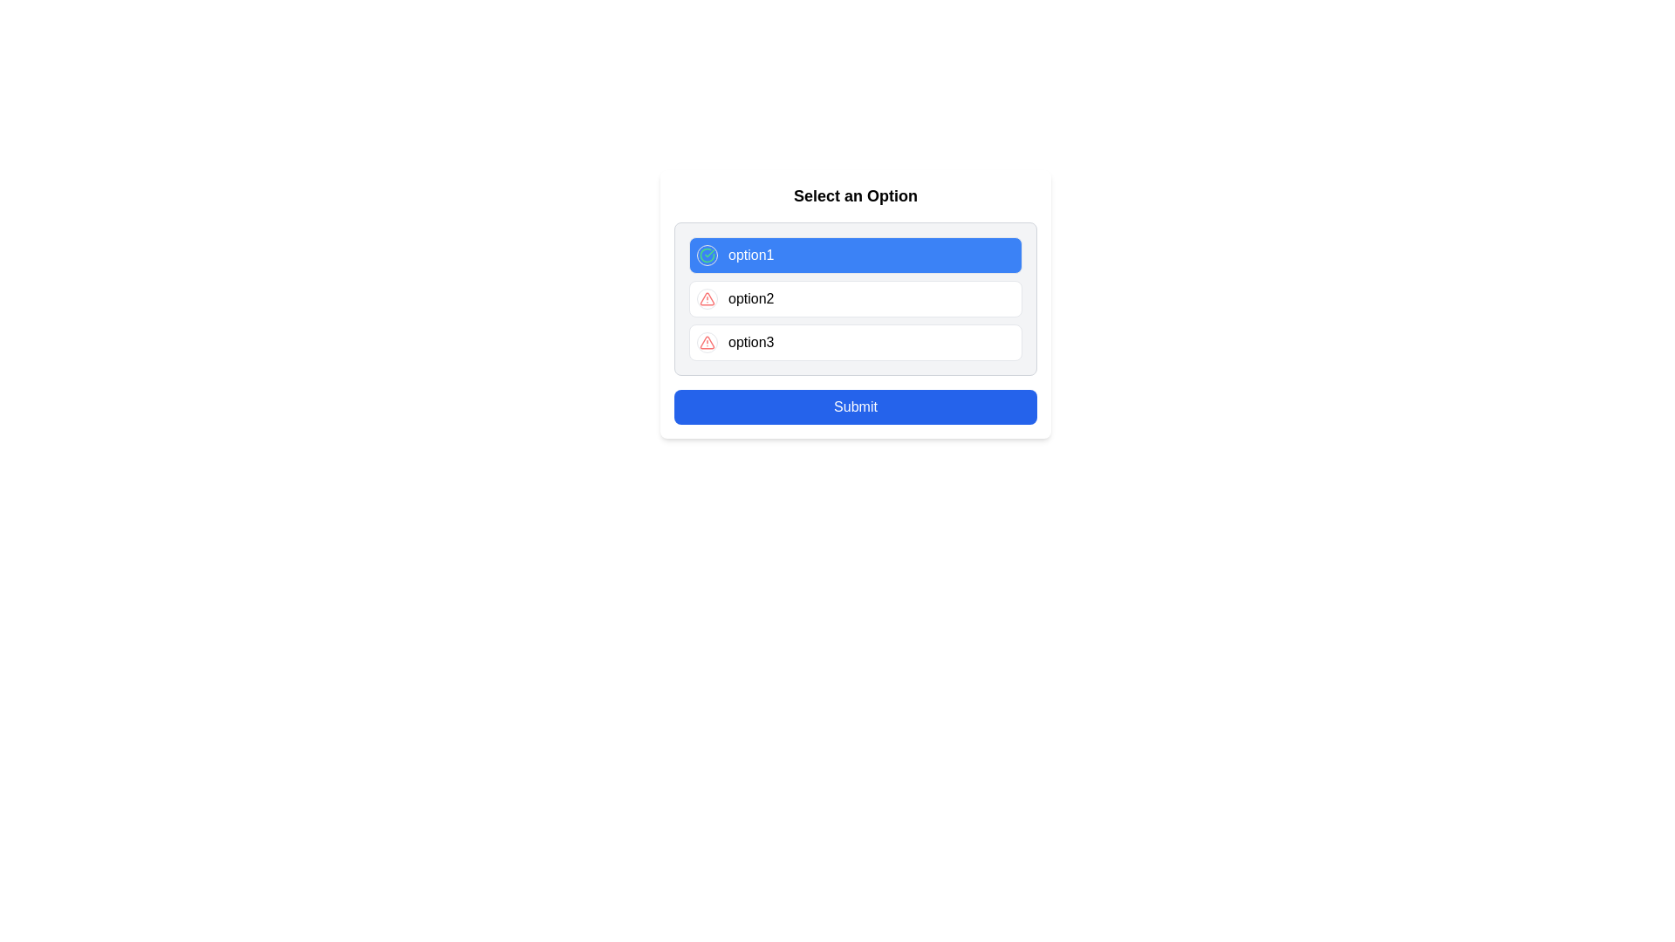  Describe the element at coordinates (855, 343) in the screenshot. I see `the 'option3' selectable option box with a warning icon and red border to select it` at that location.